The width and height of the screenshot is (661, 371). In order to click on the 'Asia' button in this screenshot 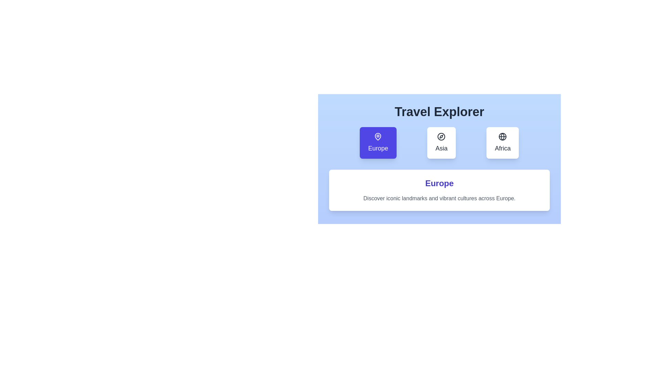, I will do `click(439, 155)`.